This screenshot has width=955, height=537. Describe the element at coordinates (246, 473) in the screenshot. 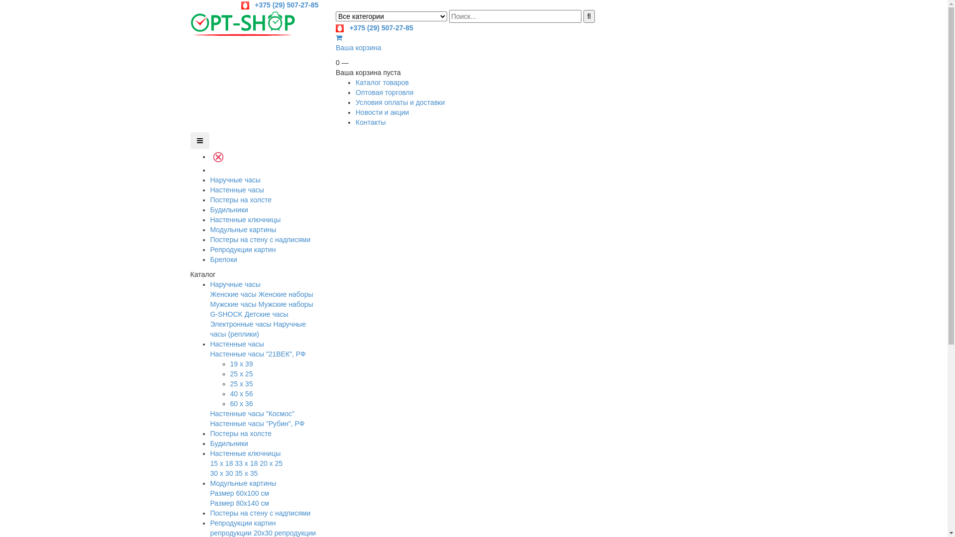

I see `'35 x 35'` at that location.